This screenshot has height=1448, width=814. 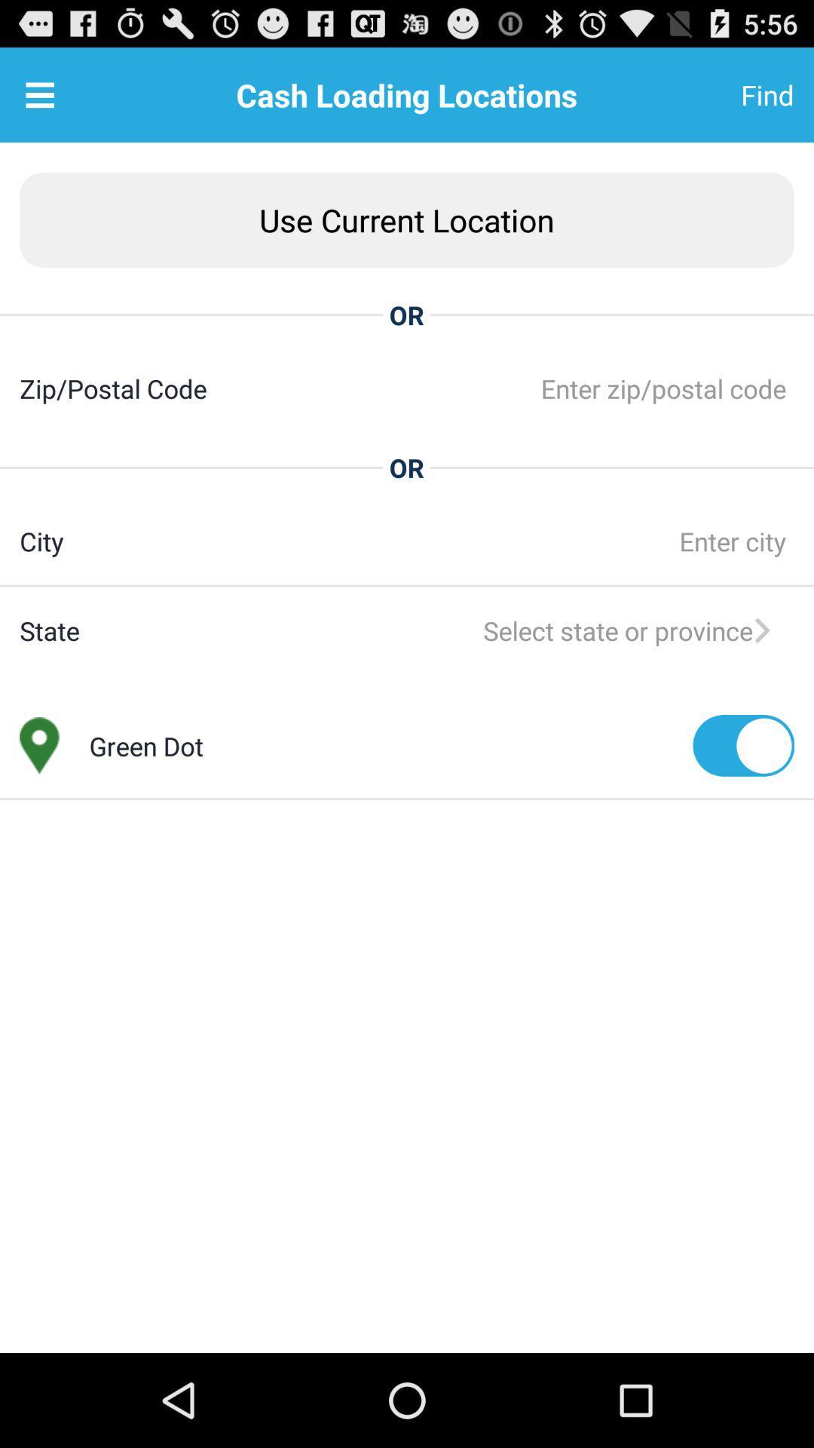 I want to click on find item, so click(x=730, y=94).